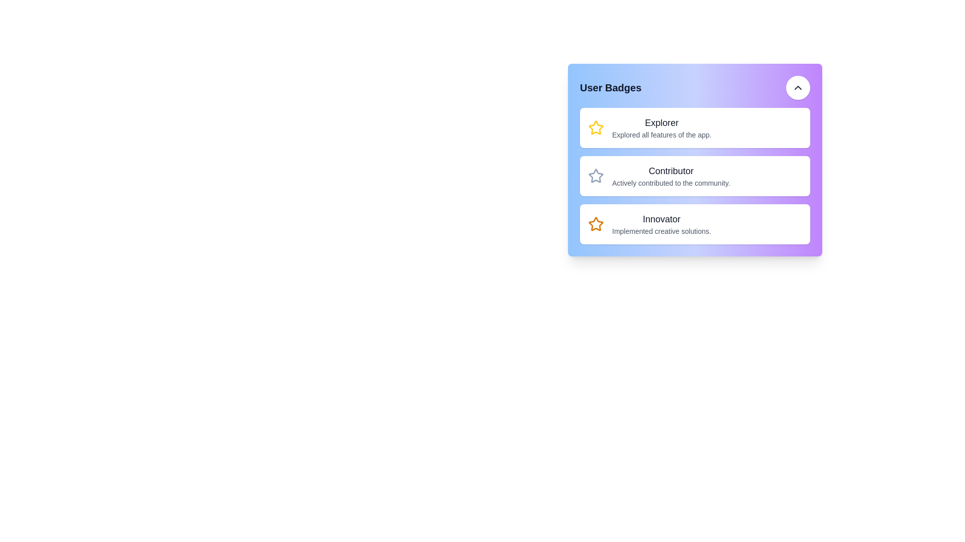 The image size is (965, 542). What do you see at coordinates (798, 87) in the screenshot?
I see `the upward-pointing chevron icon button located in the top-right corner of the 'User Badges' card` at bounding box center [798, 87].